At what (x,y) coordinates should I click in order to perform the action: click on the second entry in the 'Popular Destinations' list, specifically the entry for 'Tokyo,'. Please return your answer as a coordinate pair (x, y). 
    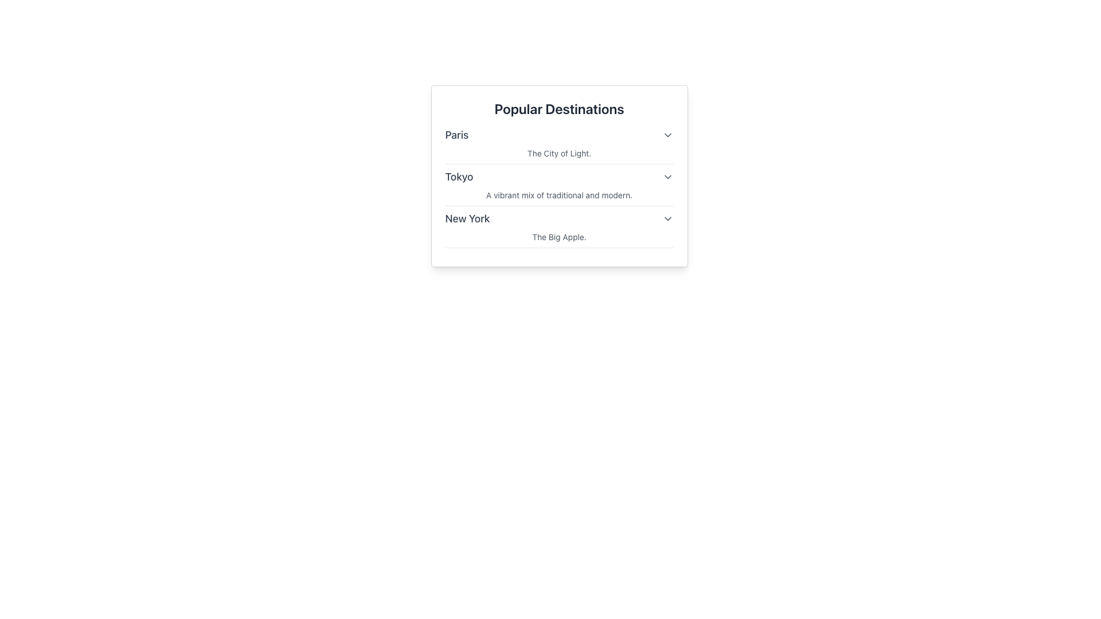
    Looking at the image, I should click on (559, 187).